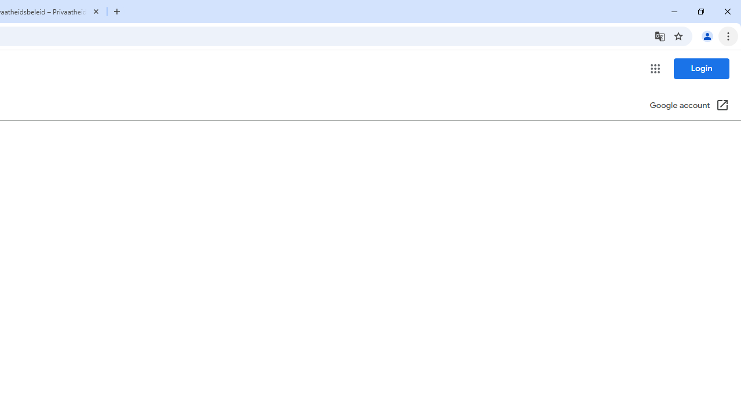  What do you see at coordinates (700, 68) in the screenshot?
I see `'Login'` at bounding box center [700, 68].